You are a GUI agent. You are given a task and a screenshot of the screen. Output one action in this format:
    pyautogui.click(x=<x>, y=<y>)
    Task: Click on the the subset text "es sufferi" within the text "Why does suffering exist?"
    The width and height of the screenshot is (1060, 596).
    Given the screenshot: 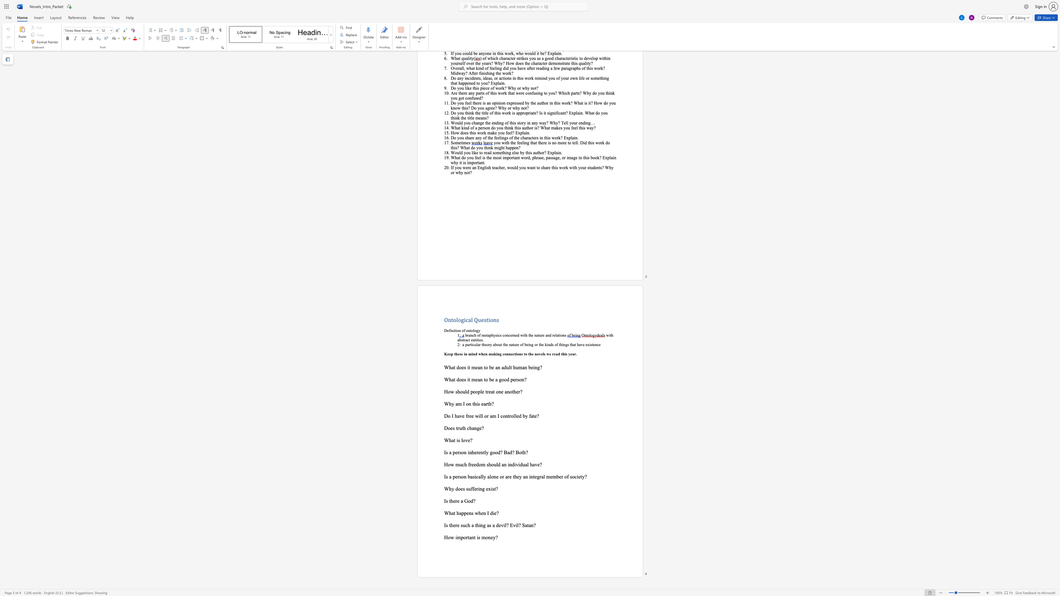 What is the action you would take?
    pyautogui.click(x=460, y=488)
    